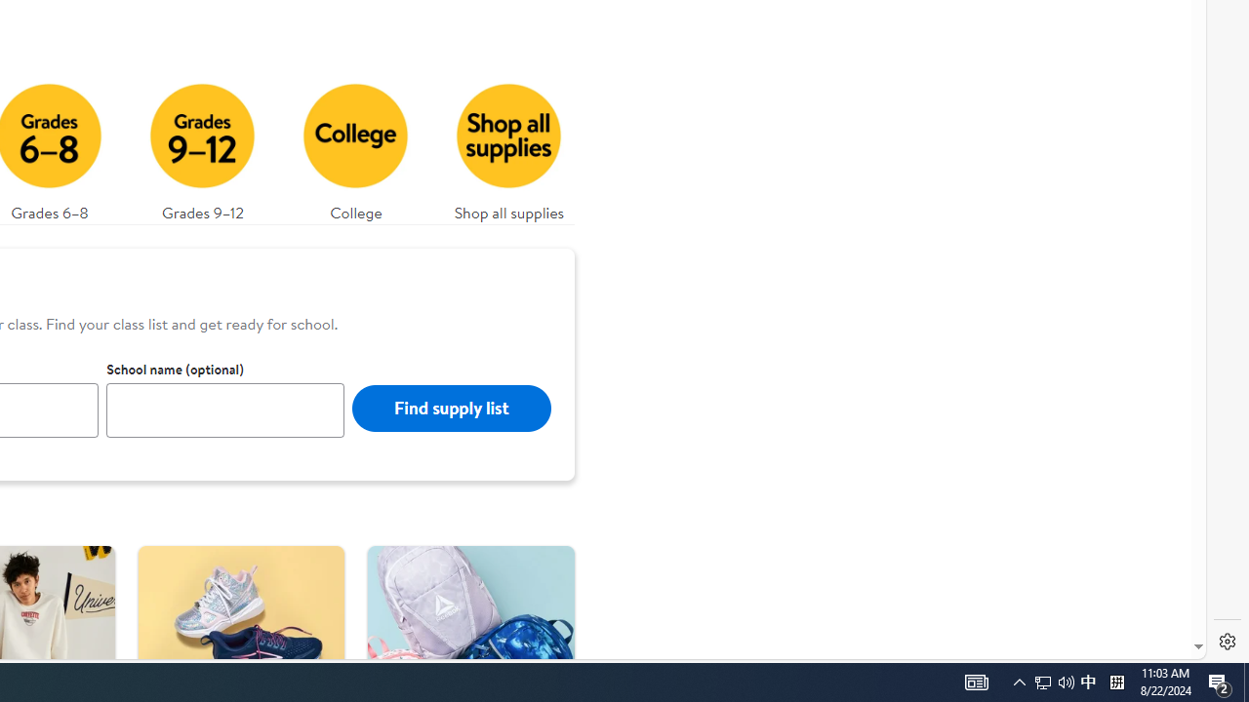 The height and width of the screenshot is (702, 1249). I want to click on 'College', so click(356, 146).